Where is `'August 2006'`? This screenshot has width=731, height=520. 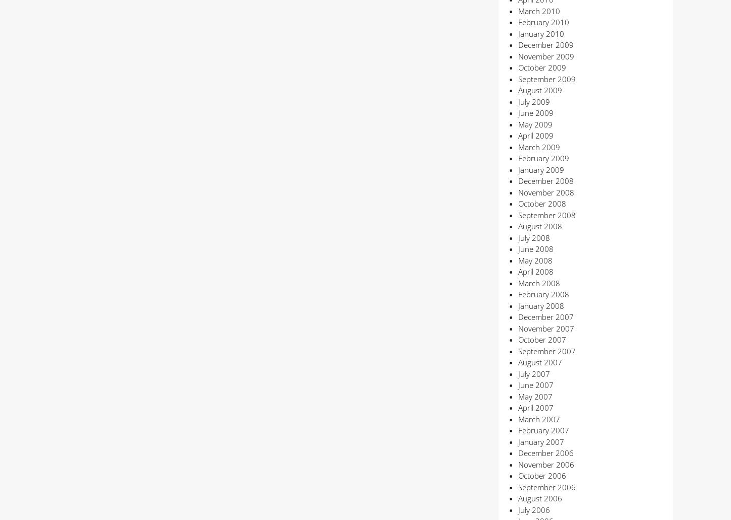 'August 2006' is located at coordinates (539, 497).